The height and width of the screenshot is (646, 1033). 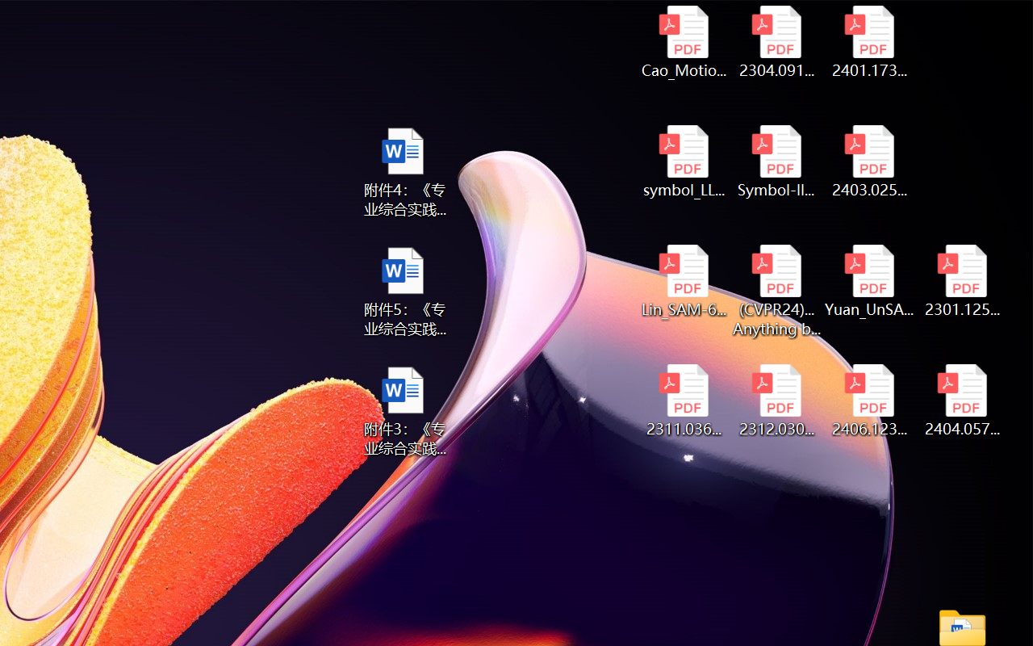 What do you see at coordinates (868, 161) in the screenshot?
I see `'2403.02502v1.pdf'` at bounding box center [868, 161].